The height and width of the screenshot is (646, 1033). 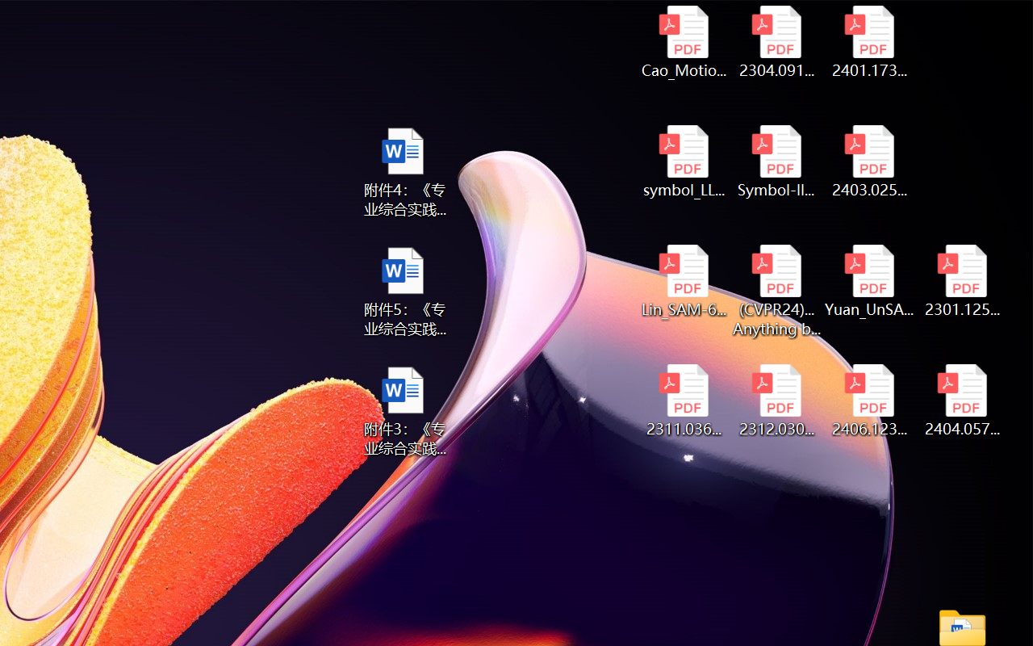 What do you see at coordinates (868, 161) in the screenshot?
I see `'2403.02502v1.pdf'` at bounding box center [868, 161].